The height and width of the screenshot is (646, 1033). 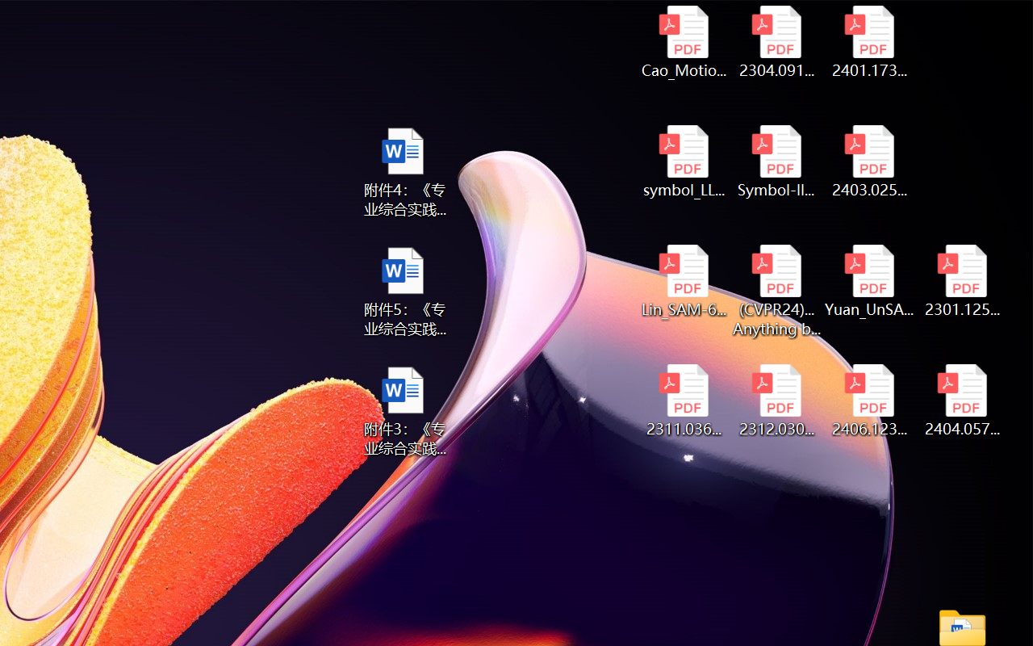 What do you see at coordinates (868, 161) in the screenshot?
I see `'2403.02502v1.pdf'` at bounding box center [868, 161].